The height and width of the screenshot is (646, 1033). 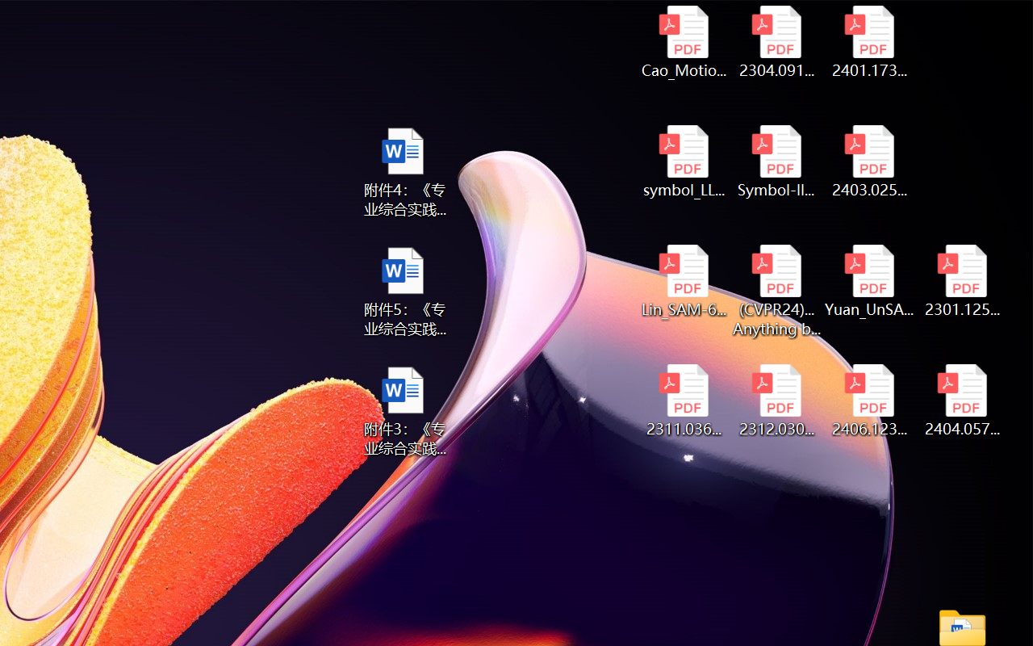 What do you see at coordinates (868, 161) in the screenshot?
I see `'2403.02502v1.pdf'` at bounding box center [868, 161].